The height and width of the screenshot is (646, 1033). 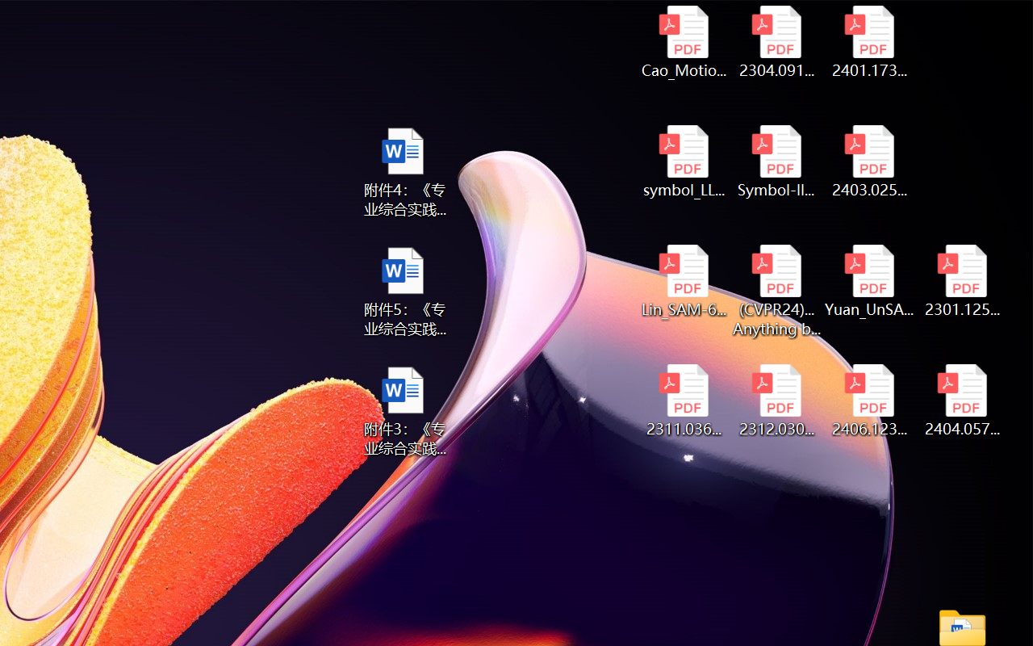 What do you see at coordinates (868, 161) in the screenshot?
I see `'2403.02502v1.pdf'` at bounding box center [868, 161].